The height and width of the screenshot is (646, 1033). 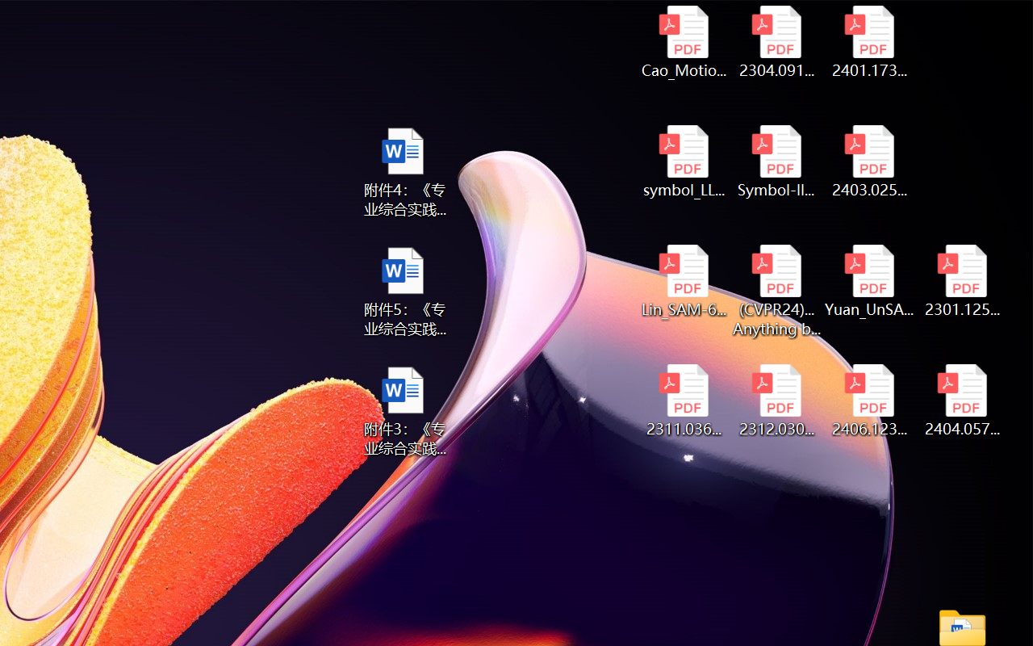 What do you see at coordinates (868, 161) in the screenshot?
I see `'2403.02502v1.pdf'` at bounding box center [868, 161].